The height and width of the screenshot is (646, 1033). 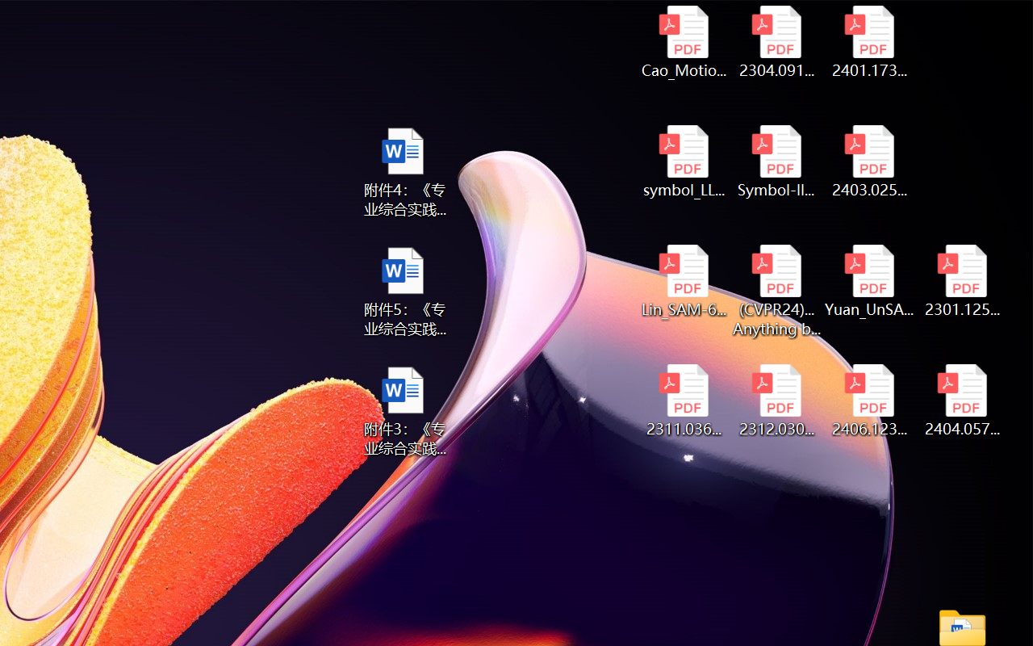 What do you see at coordinates (868, 161) in the screenshot?
I see `'2403.02502v1.pdf'` at bounding box center [868, 161].